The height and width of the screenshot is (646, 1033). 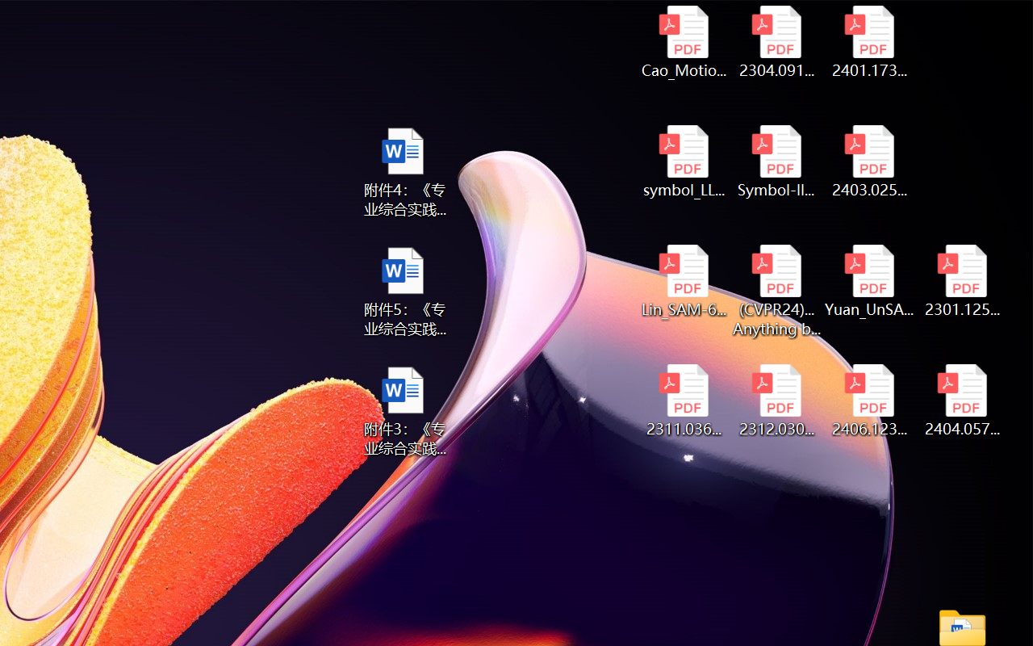 What do you see at coordinates (868, 161) in the screenshot?
I see `'2403.02502v1.pdf'` at bounding box center [868, 161].